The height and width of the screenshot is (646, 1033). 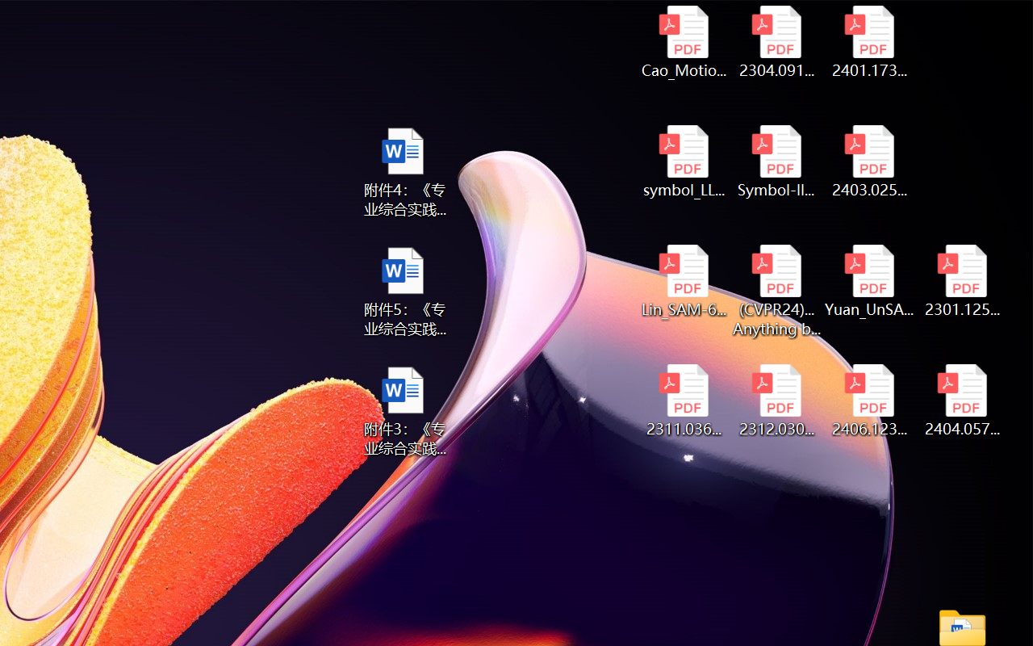 What do you see at coordinates (868, 161) in the screenshot?
I see `'2403.02502v1.pdf'` at bounding box center [868, 161].